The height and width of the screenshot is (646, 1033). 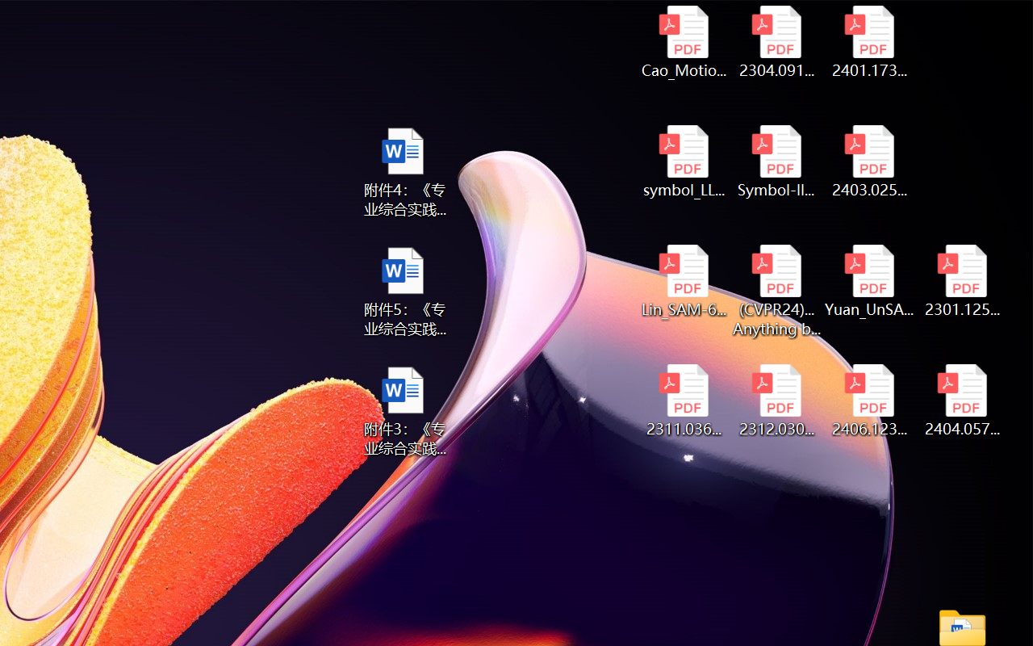 What do you see at coordinates (868, 161) in the screenshot?
I see `'2403.02502v1.pdf'` at bounding box center [868, 161].